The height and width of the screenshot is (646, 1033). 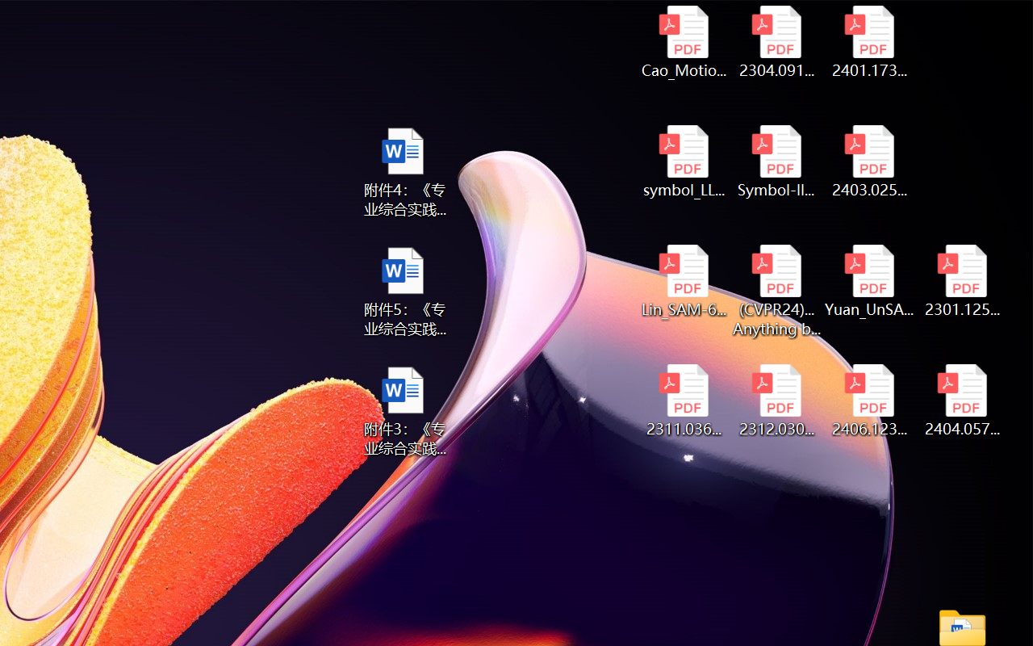 What do you see at coordinates (868, 161) in the screenshot?
I see `'2403.02502v1.pdf'` at bounding box center [868, 161].